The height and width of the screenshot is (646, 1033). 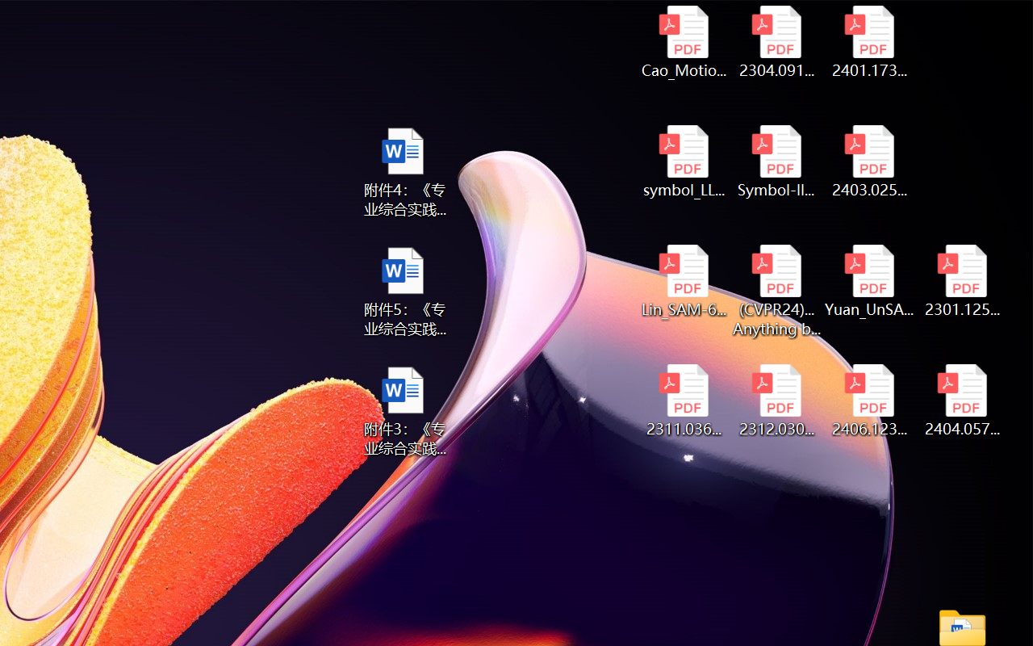 What do you see at coordinates (868, 161) in the screenshot?
I see `'2403.02502v1.pdf'` at bounding box center [868, 161].